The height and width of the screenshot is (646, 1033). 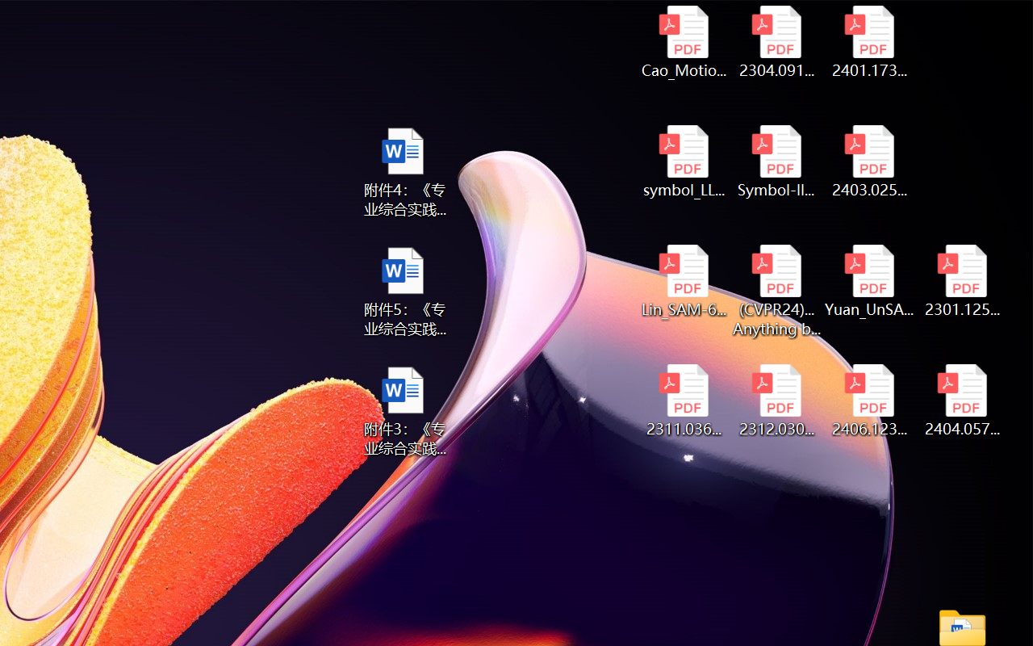 What do you see at coordinates (868, 161) in the screenshot?
I see `'2403.02502v1.pdf'` at bounding box center [868, 161].